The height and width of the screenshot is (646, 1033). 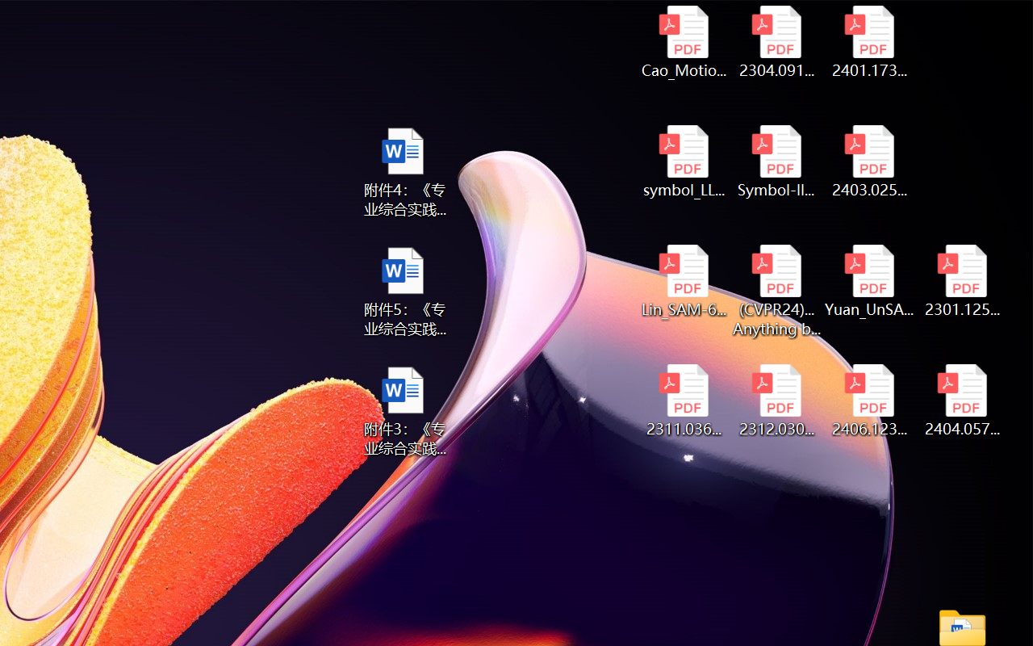 What do you see at coordinates (868, 161) in the screenshot?
I see `'2403.02502v1.pdf'` at bounding box center [868, 161].